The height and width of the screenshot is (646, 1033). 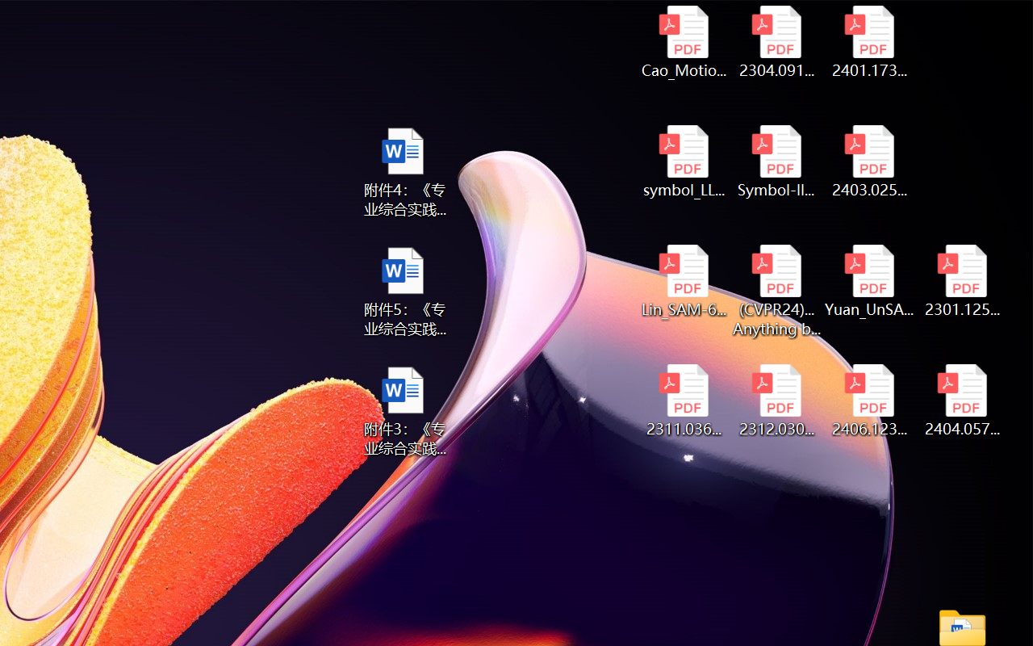 What do you see at coordinates (868, 161) in the screenshot?
I see `'2403.02502v1.pdf'` at bounding box center [868, 161].